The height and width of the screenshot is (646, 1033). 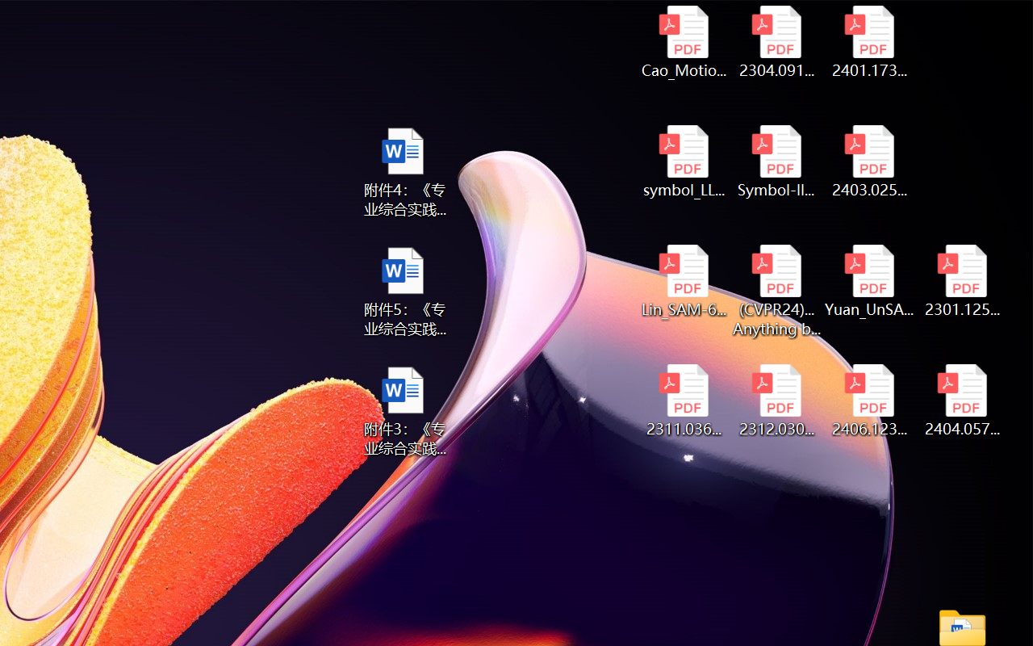 What do you see at coordinates (868, 161) in the screenshot?
I see `'2403.02502v1.pdf'` at bounding box center [868, 161].